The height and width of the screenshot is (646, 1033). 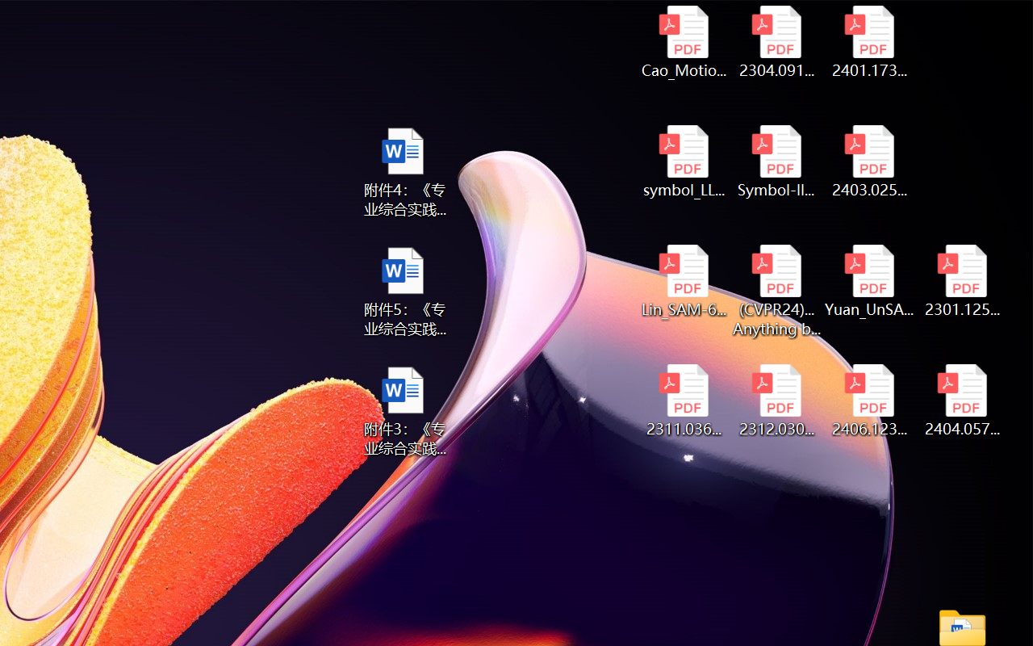 What do you see at coordinates (868, 161) in the screenshot?
I see `'2403.02502v1.pdf'` at bounding box center [868, 161].